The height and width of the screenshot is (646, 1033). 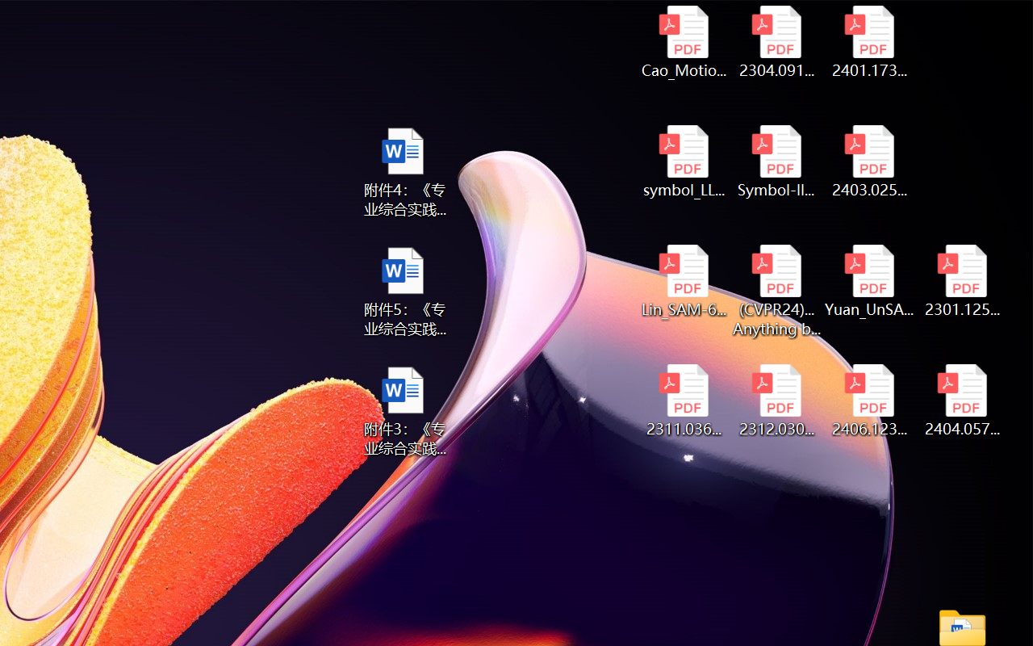 What do you see at coordinates (868, 161) in the screenshot?
I see `'2403.02502v1.pdf'` at bounding box center [868, 161].